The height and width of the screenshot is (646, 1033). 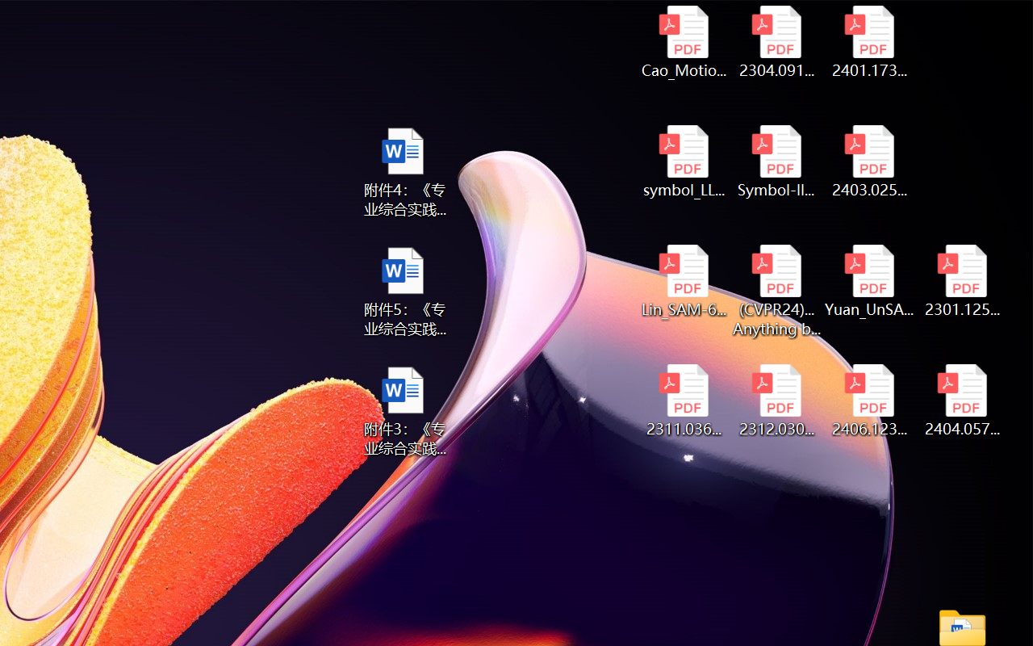 What do you see at coordinates (868, 161) in the screenshot?
I see `'2403.02502v1.pdf'` at bounding box center [868, 161].